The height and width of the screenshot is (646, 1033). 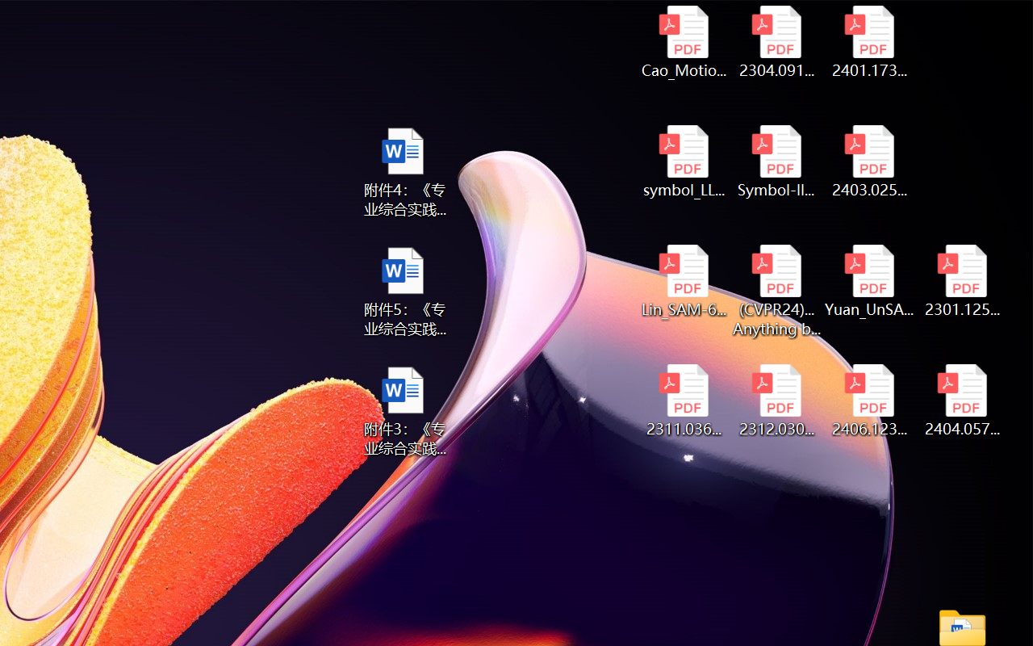 What do you see at coordinates (868, 161) in the screenshot?
I see `'2403.02502v1.pdf'` at bounding box center [868, 161].